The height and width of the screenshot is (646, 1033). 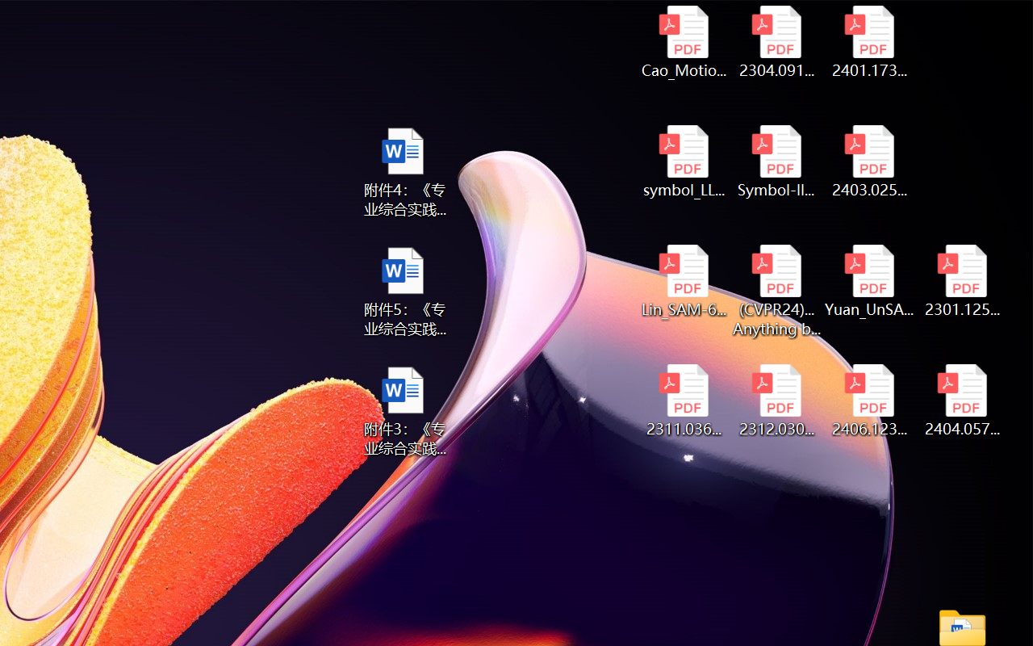 What do you see at coordinates (868, 161) in the screenshot?
I see `'2403.02502v1.pdf'` at bounding box center [868, 161].